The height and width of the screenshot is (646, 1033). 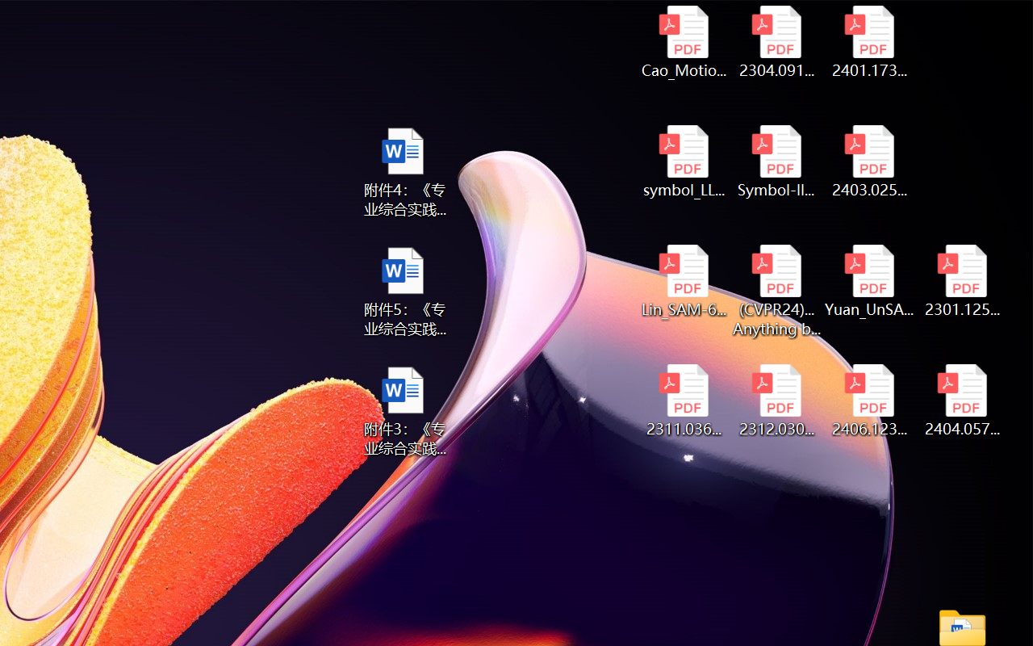 What do you see at coordinates (868, 161) in the screenshot?
I see `'2403.02502v1.pdf'` at bounding box center [868, 161].